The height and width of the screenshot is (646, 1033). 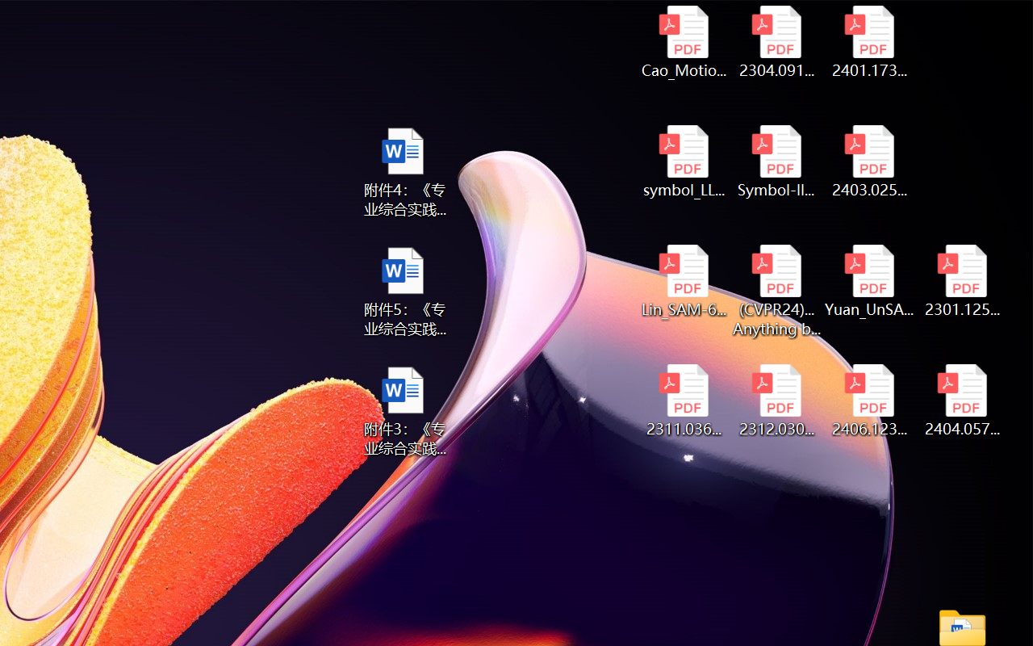 What do you see at coordinates (868, 161) in the screenshot?
I see `'2403.02502v1.pdf'` at bounding box center [868, 161].